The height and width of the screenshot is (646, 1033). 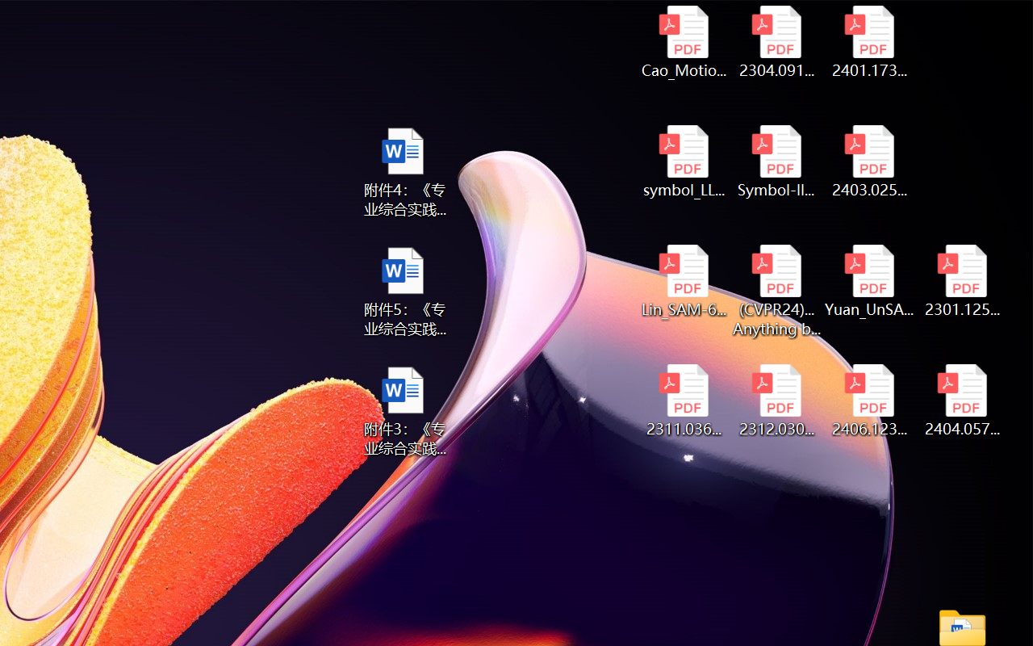 What do you see at coordinates (868, 161) in the screenshot?
I see `'2403.02502v1.pdf'` at bounding box center [868, 161].